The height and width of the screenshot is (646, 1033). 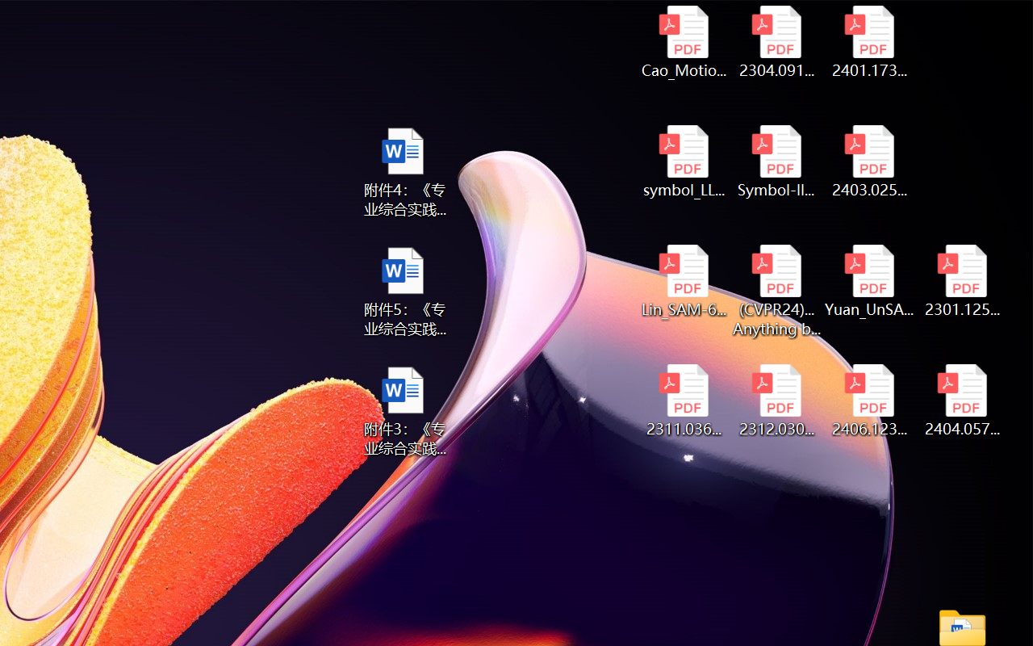 What do you see at coordinates (868, 161) in the screenshot?
I see `'2403.02502v1.pdf'` at bounding box center [868, 161].